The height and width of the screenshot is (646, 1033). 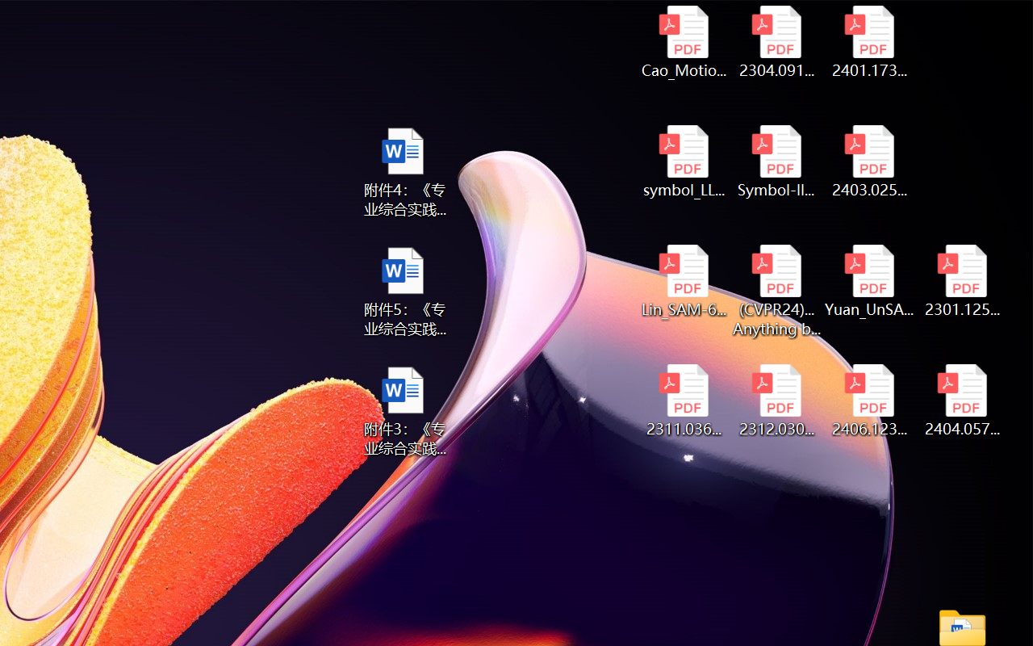 What do you see at coordinates (868, 161) in the screenshot?
I see `'2403.02502v1.pdf'` at bounding box center [868, 161].